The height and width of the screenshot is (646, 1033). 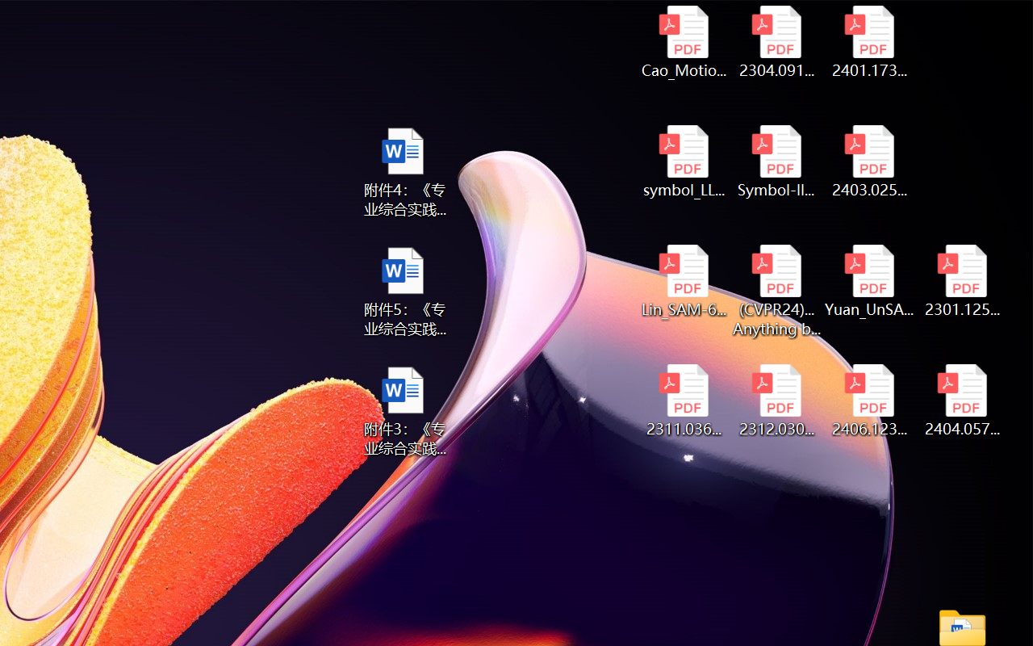 What do you see at coordinates (868, 161) in the screenshot?
I see `'2403.02502v1.pdf'` at bounding box center [868, 161].